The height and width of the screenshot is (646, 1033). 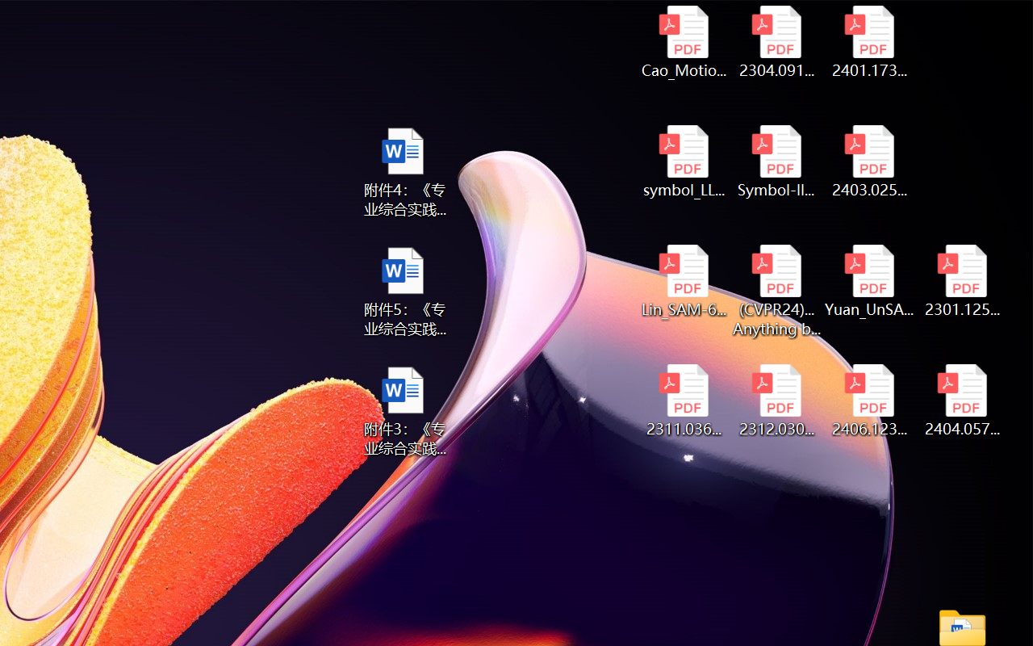 What do you see at coordinates (868, 161) in the screenshot?
I see `'2403.02502v1.pdf'` at bounding box center [868, 161].